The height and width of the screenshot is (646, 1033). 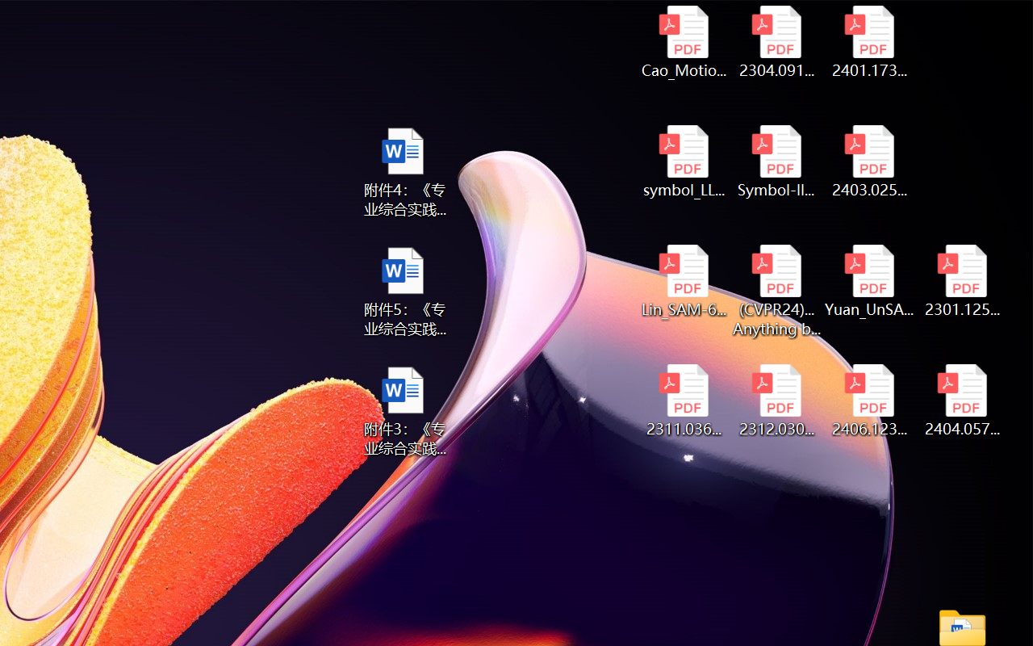 What do you see at coordinates (868, 161) in the screenshot?
I see `'2403.02502v1.pdf'` at bounding box center [868, 161].